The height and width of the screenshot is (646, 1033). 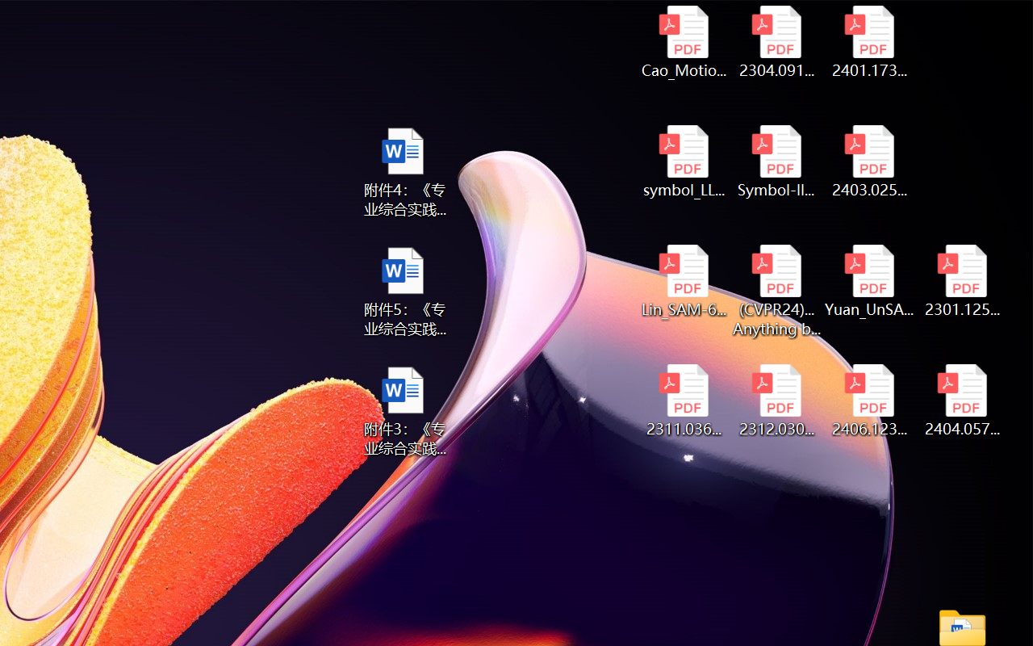 What do you see at coordinates (868, 161) in the screenshot?
I see `'2403.02502v1.pdf'` at bounding box center [868, 161].